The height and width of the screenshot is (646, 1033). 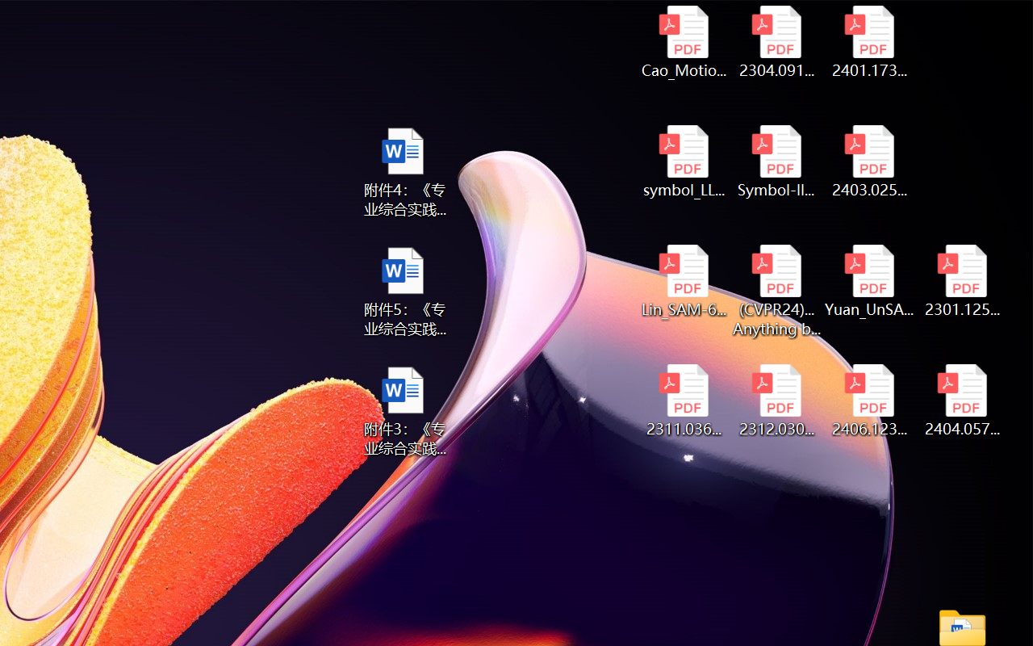 What do you see at coordinates (868, 161) in the screenshot?
I see `'2403.02502v1.pdf'` at bounding box center [868, 161].